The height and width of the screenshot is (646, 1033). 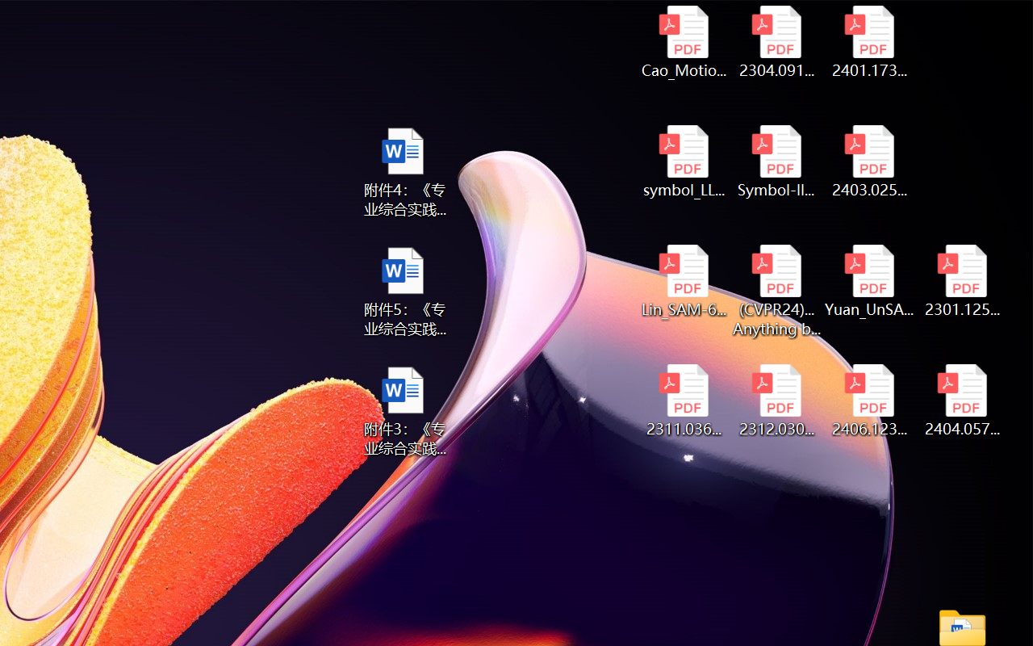 What do you see at coordinates (868, 161) in the screenshot?
I see `'2403.02502v1.pdf'` at bounding box center [868, 161].